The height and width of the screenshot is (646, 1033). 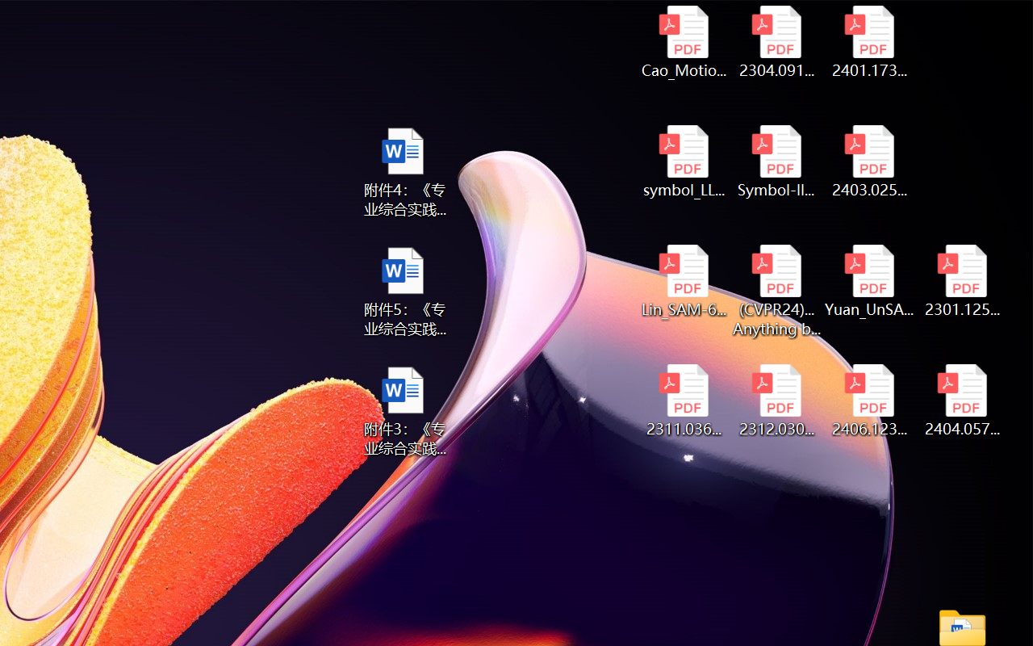 What do you see at coordinates (868, 161) in the screenshot?
I see `'2403.02502v1.pdf'` at bounding box center [868, 161].